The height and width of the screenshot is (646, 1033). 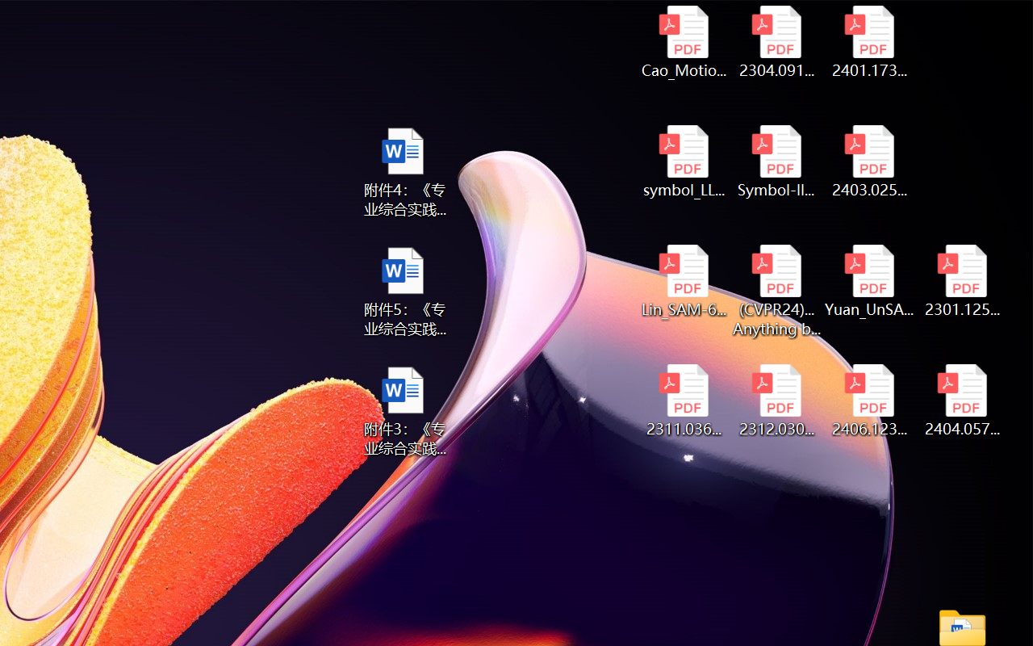 What do you see at coordinates (868, 161) in the screenshot?
I see `'2403.02502v1.pdf'` at bounding box center [868, 161].